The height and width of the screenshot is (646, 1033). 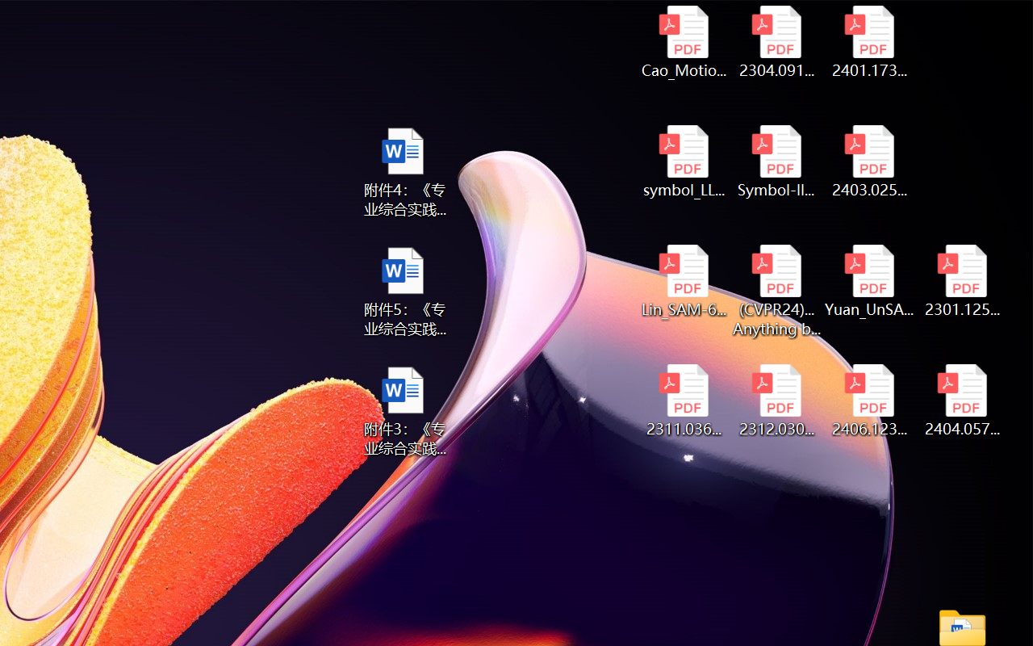 What do you see at coordinates (868, 161) in the screenshot?
I see `'2403.02502v1.pdf'` at bounding box center [868, 161].